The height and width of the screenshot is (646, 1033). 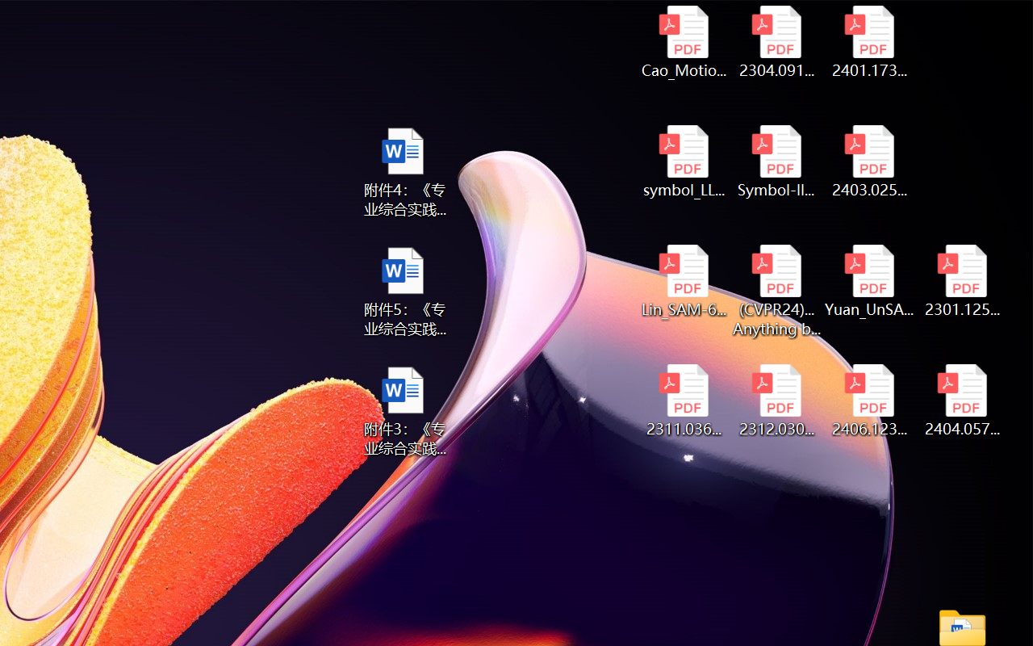 What do you see at coordinates (868, 161) in the screenshot?
I see `'2403.02502v1.pdf'` at bounding box center [868, 161].